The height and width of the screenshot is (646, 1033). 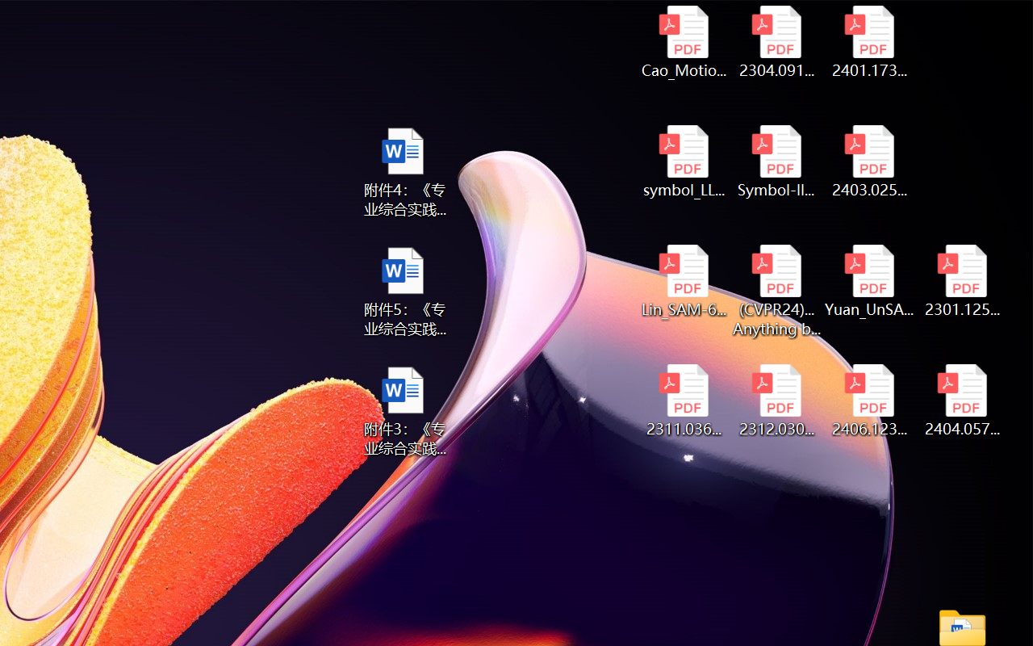 What do you see at coordinates (868, 161) in the screenshot?
I see `'2403.02502v1.pdf'` at bounding box center [868, 161].